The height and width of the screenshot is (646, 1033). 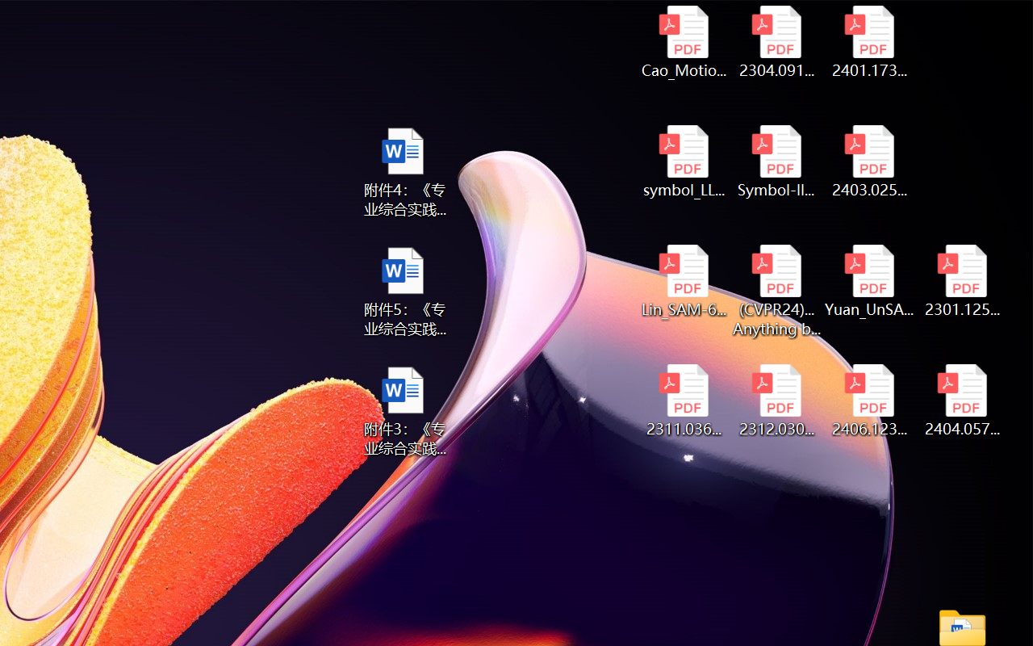 What do you see at coordinates (868, 161) in the screenshot?
I see `'2403.02502v1.pdf'` at bounding box center [868, 161].